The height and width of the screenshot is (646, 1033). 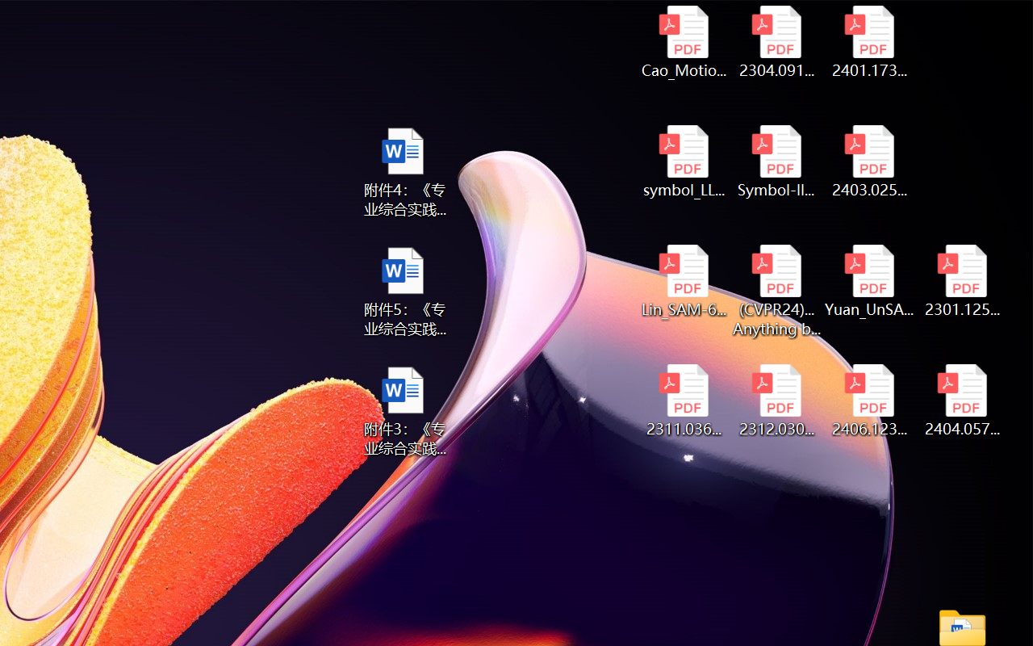 What do you see at coordinates (868, 161) in the screenshot?
I see `'2403.02502v1.pdf'` at bounding box center [868, 161].